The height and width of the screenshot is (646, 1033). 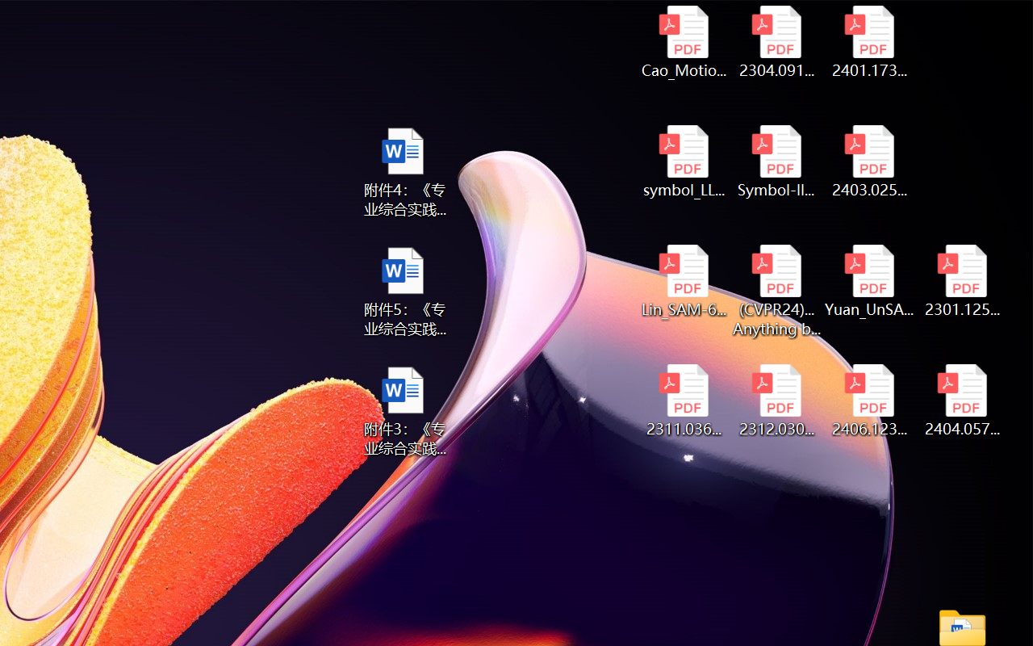 What do you see at coordinates (868, 161) in the screenshot?
I see `'2403.02502v1.pdf'` at bounding box center [868, 161].